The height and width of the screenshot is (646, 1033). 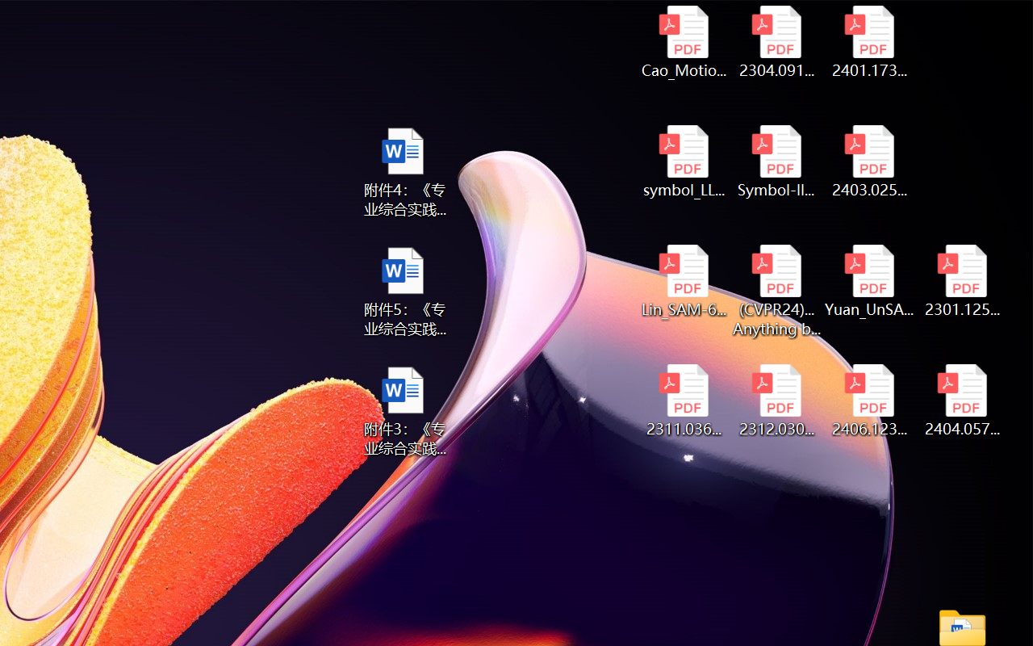 What do you see at coordinates (868, 161) in the screenshot?
I see `'2403.02502v1.pdf'` at bounding box center [868, 161].